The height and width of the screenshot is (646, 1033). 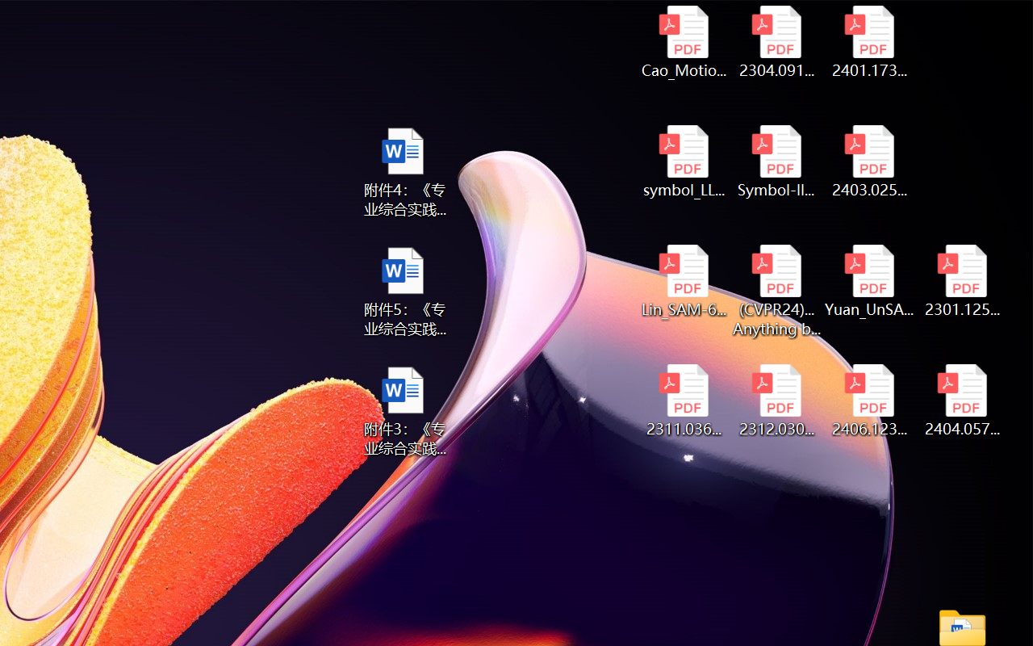 What do you see at coordinates (868, 161) in the screenshot?
I see `'2403.02502v1.pdf'` at bounding box center [868, 161].